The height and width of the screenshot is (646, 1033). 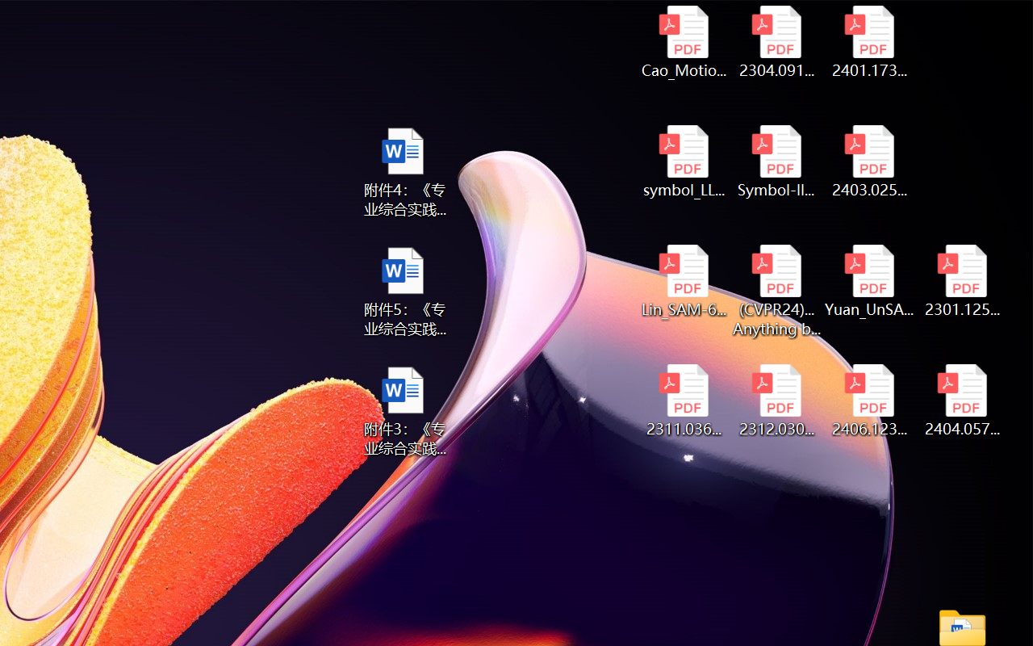 What do you see at coordinates (868, 161) in the screenshot?
I see `'2403.02502v1.pdf'` at bounding box center [868, 161].